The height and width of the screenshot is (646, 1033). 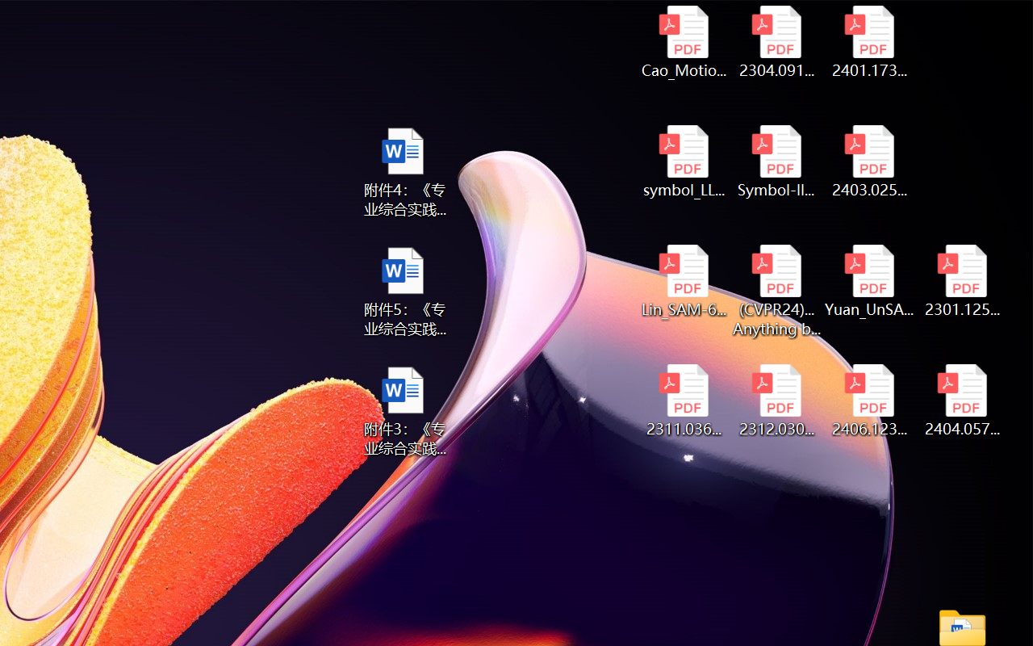 What do you see at coordinates (868, 161) in the screenshot?
I see `'2403.02502v1.pdf'` at bounding box center [868, 161].